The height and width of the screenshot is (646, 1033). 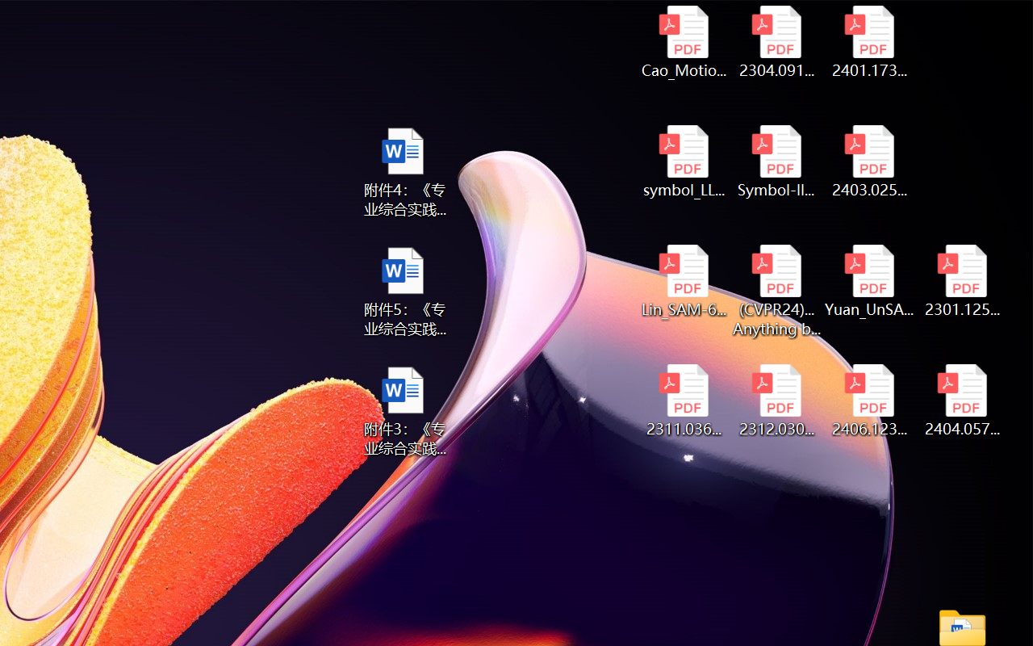 What do you see at coordinates (868, 161) in the screenshot?
I see `'2403.02502v1.pdf'` at bounding box center [868, 161].